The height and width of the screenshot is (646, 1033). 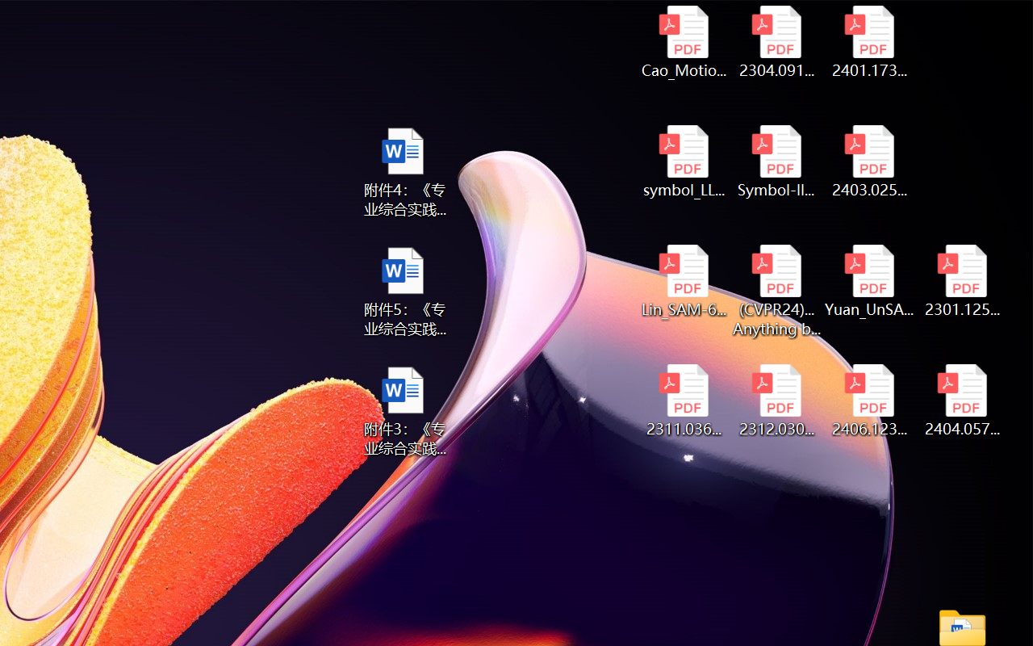 What do you see at coordinates (868, 161) in the screenshot?
I see `'2403.02502v1.pdf'` at bounding box center [868, 161].